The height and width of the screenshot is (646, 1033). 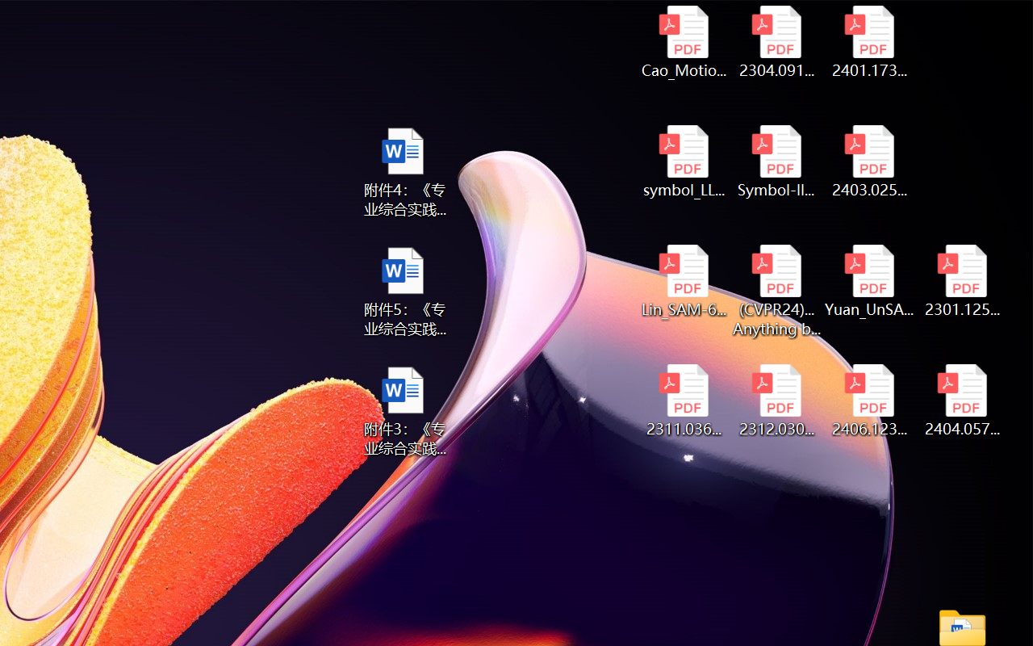 What do you see at coordinates (868, 161) in the screenshot?
I see `'2403.02502v1.pdf'` at bounding box center [868, 161].